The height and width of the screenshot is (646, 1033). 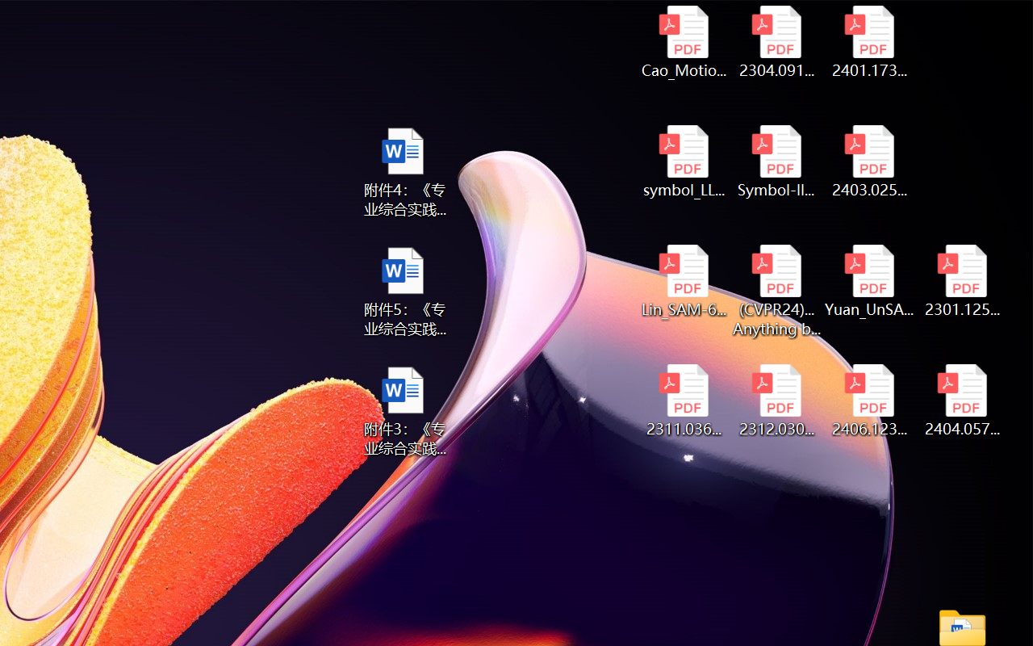 What do you see at coordinates (868, 161) in the screenshot?
I see `'2403.02502v1.pdf'` at bounding box center [868, 161].